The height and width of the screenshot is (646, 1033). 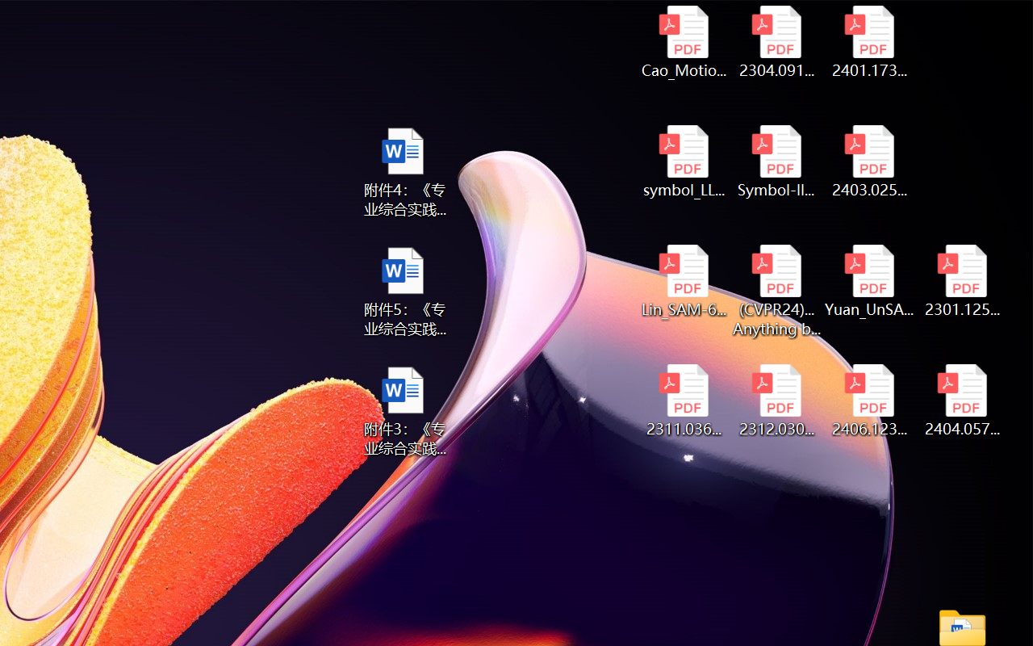 What do you see at coordinates (868, 161) in the screenshot?
I see `'2403.02502v1.pdf'` at bounding box center [868, 161].